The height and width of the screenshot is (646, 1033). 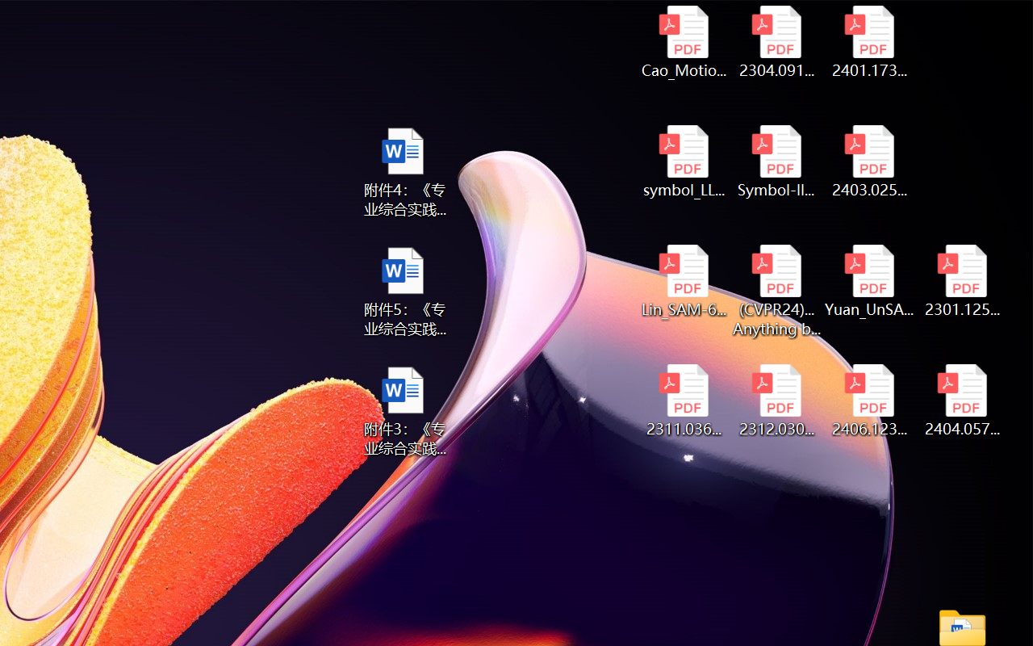 What do you see at coordinates (868, 161) in the screenshot?
I see `'2403.02502v1.pdf'` at bounding box center [868, 161].